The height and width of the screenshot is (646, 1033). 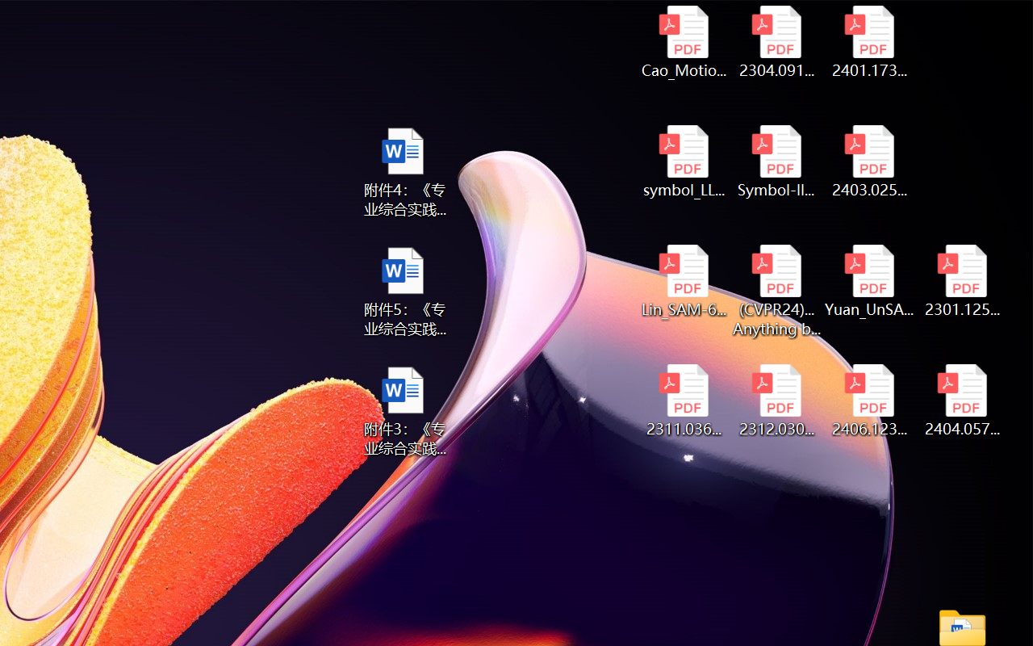 What do you see at coordinates (868, 161) in the screenshot?
I see `'2403.02502v1.pdf'` at bounding box center [868, 161].